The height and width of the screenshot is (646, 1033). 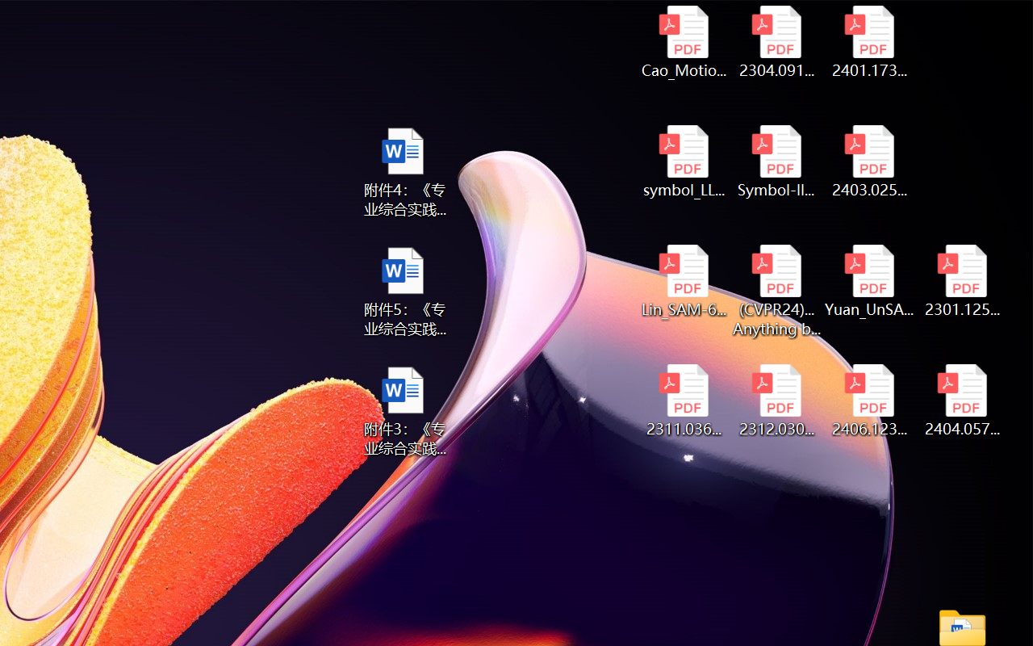 What do you see at coordinates (868, 161) in the screenshot?
I see `'2403.02502v1.pdf'` at bounding box center [868, 161].